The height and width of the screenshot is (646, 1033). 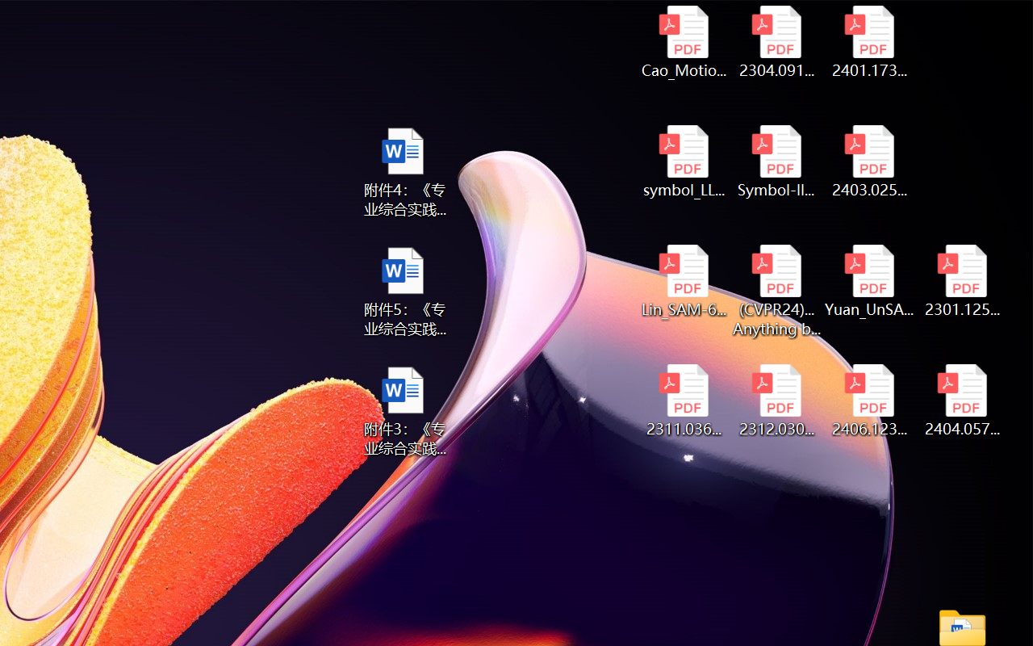 What do you see at coordinates (868, 161) in the screenshot?
I see `'2403.02502v1.pdf'` at bounding box center [868, 161].